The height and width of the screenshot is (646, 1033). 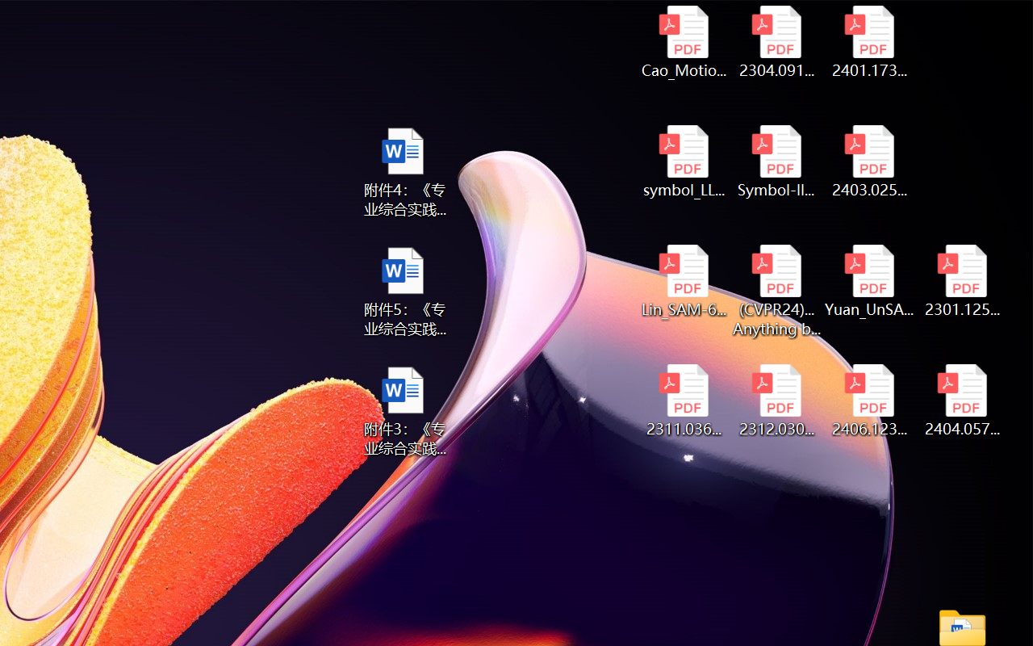 What do you see at coordinates (868, 161) in the screenshot?
I see `'2403.02502v1.pdf'` at bounding box center [868, 161].